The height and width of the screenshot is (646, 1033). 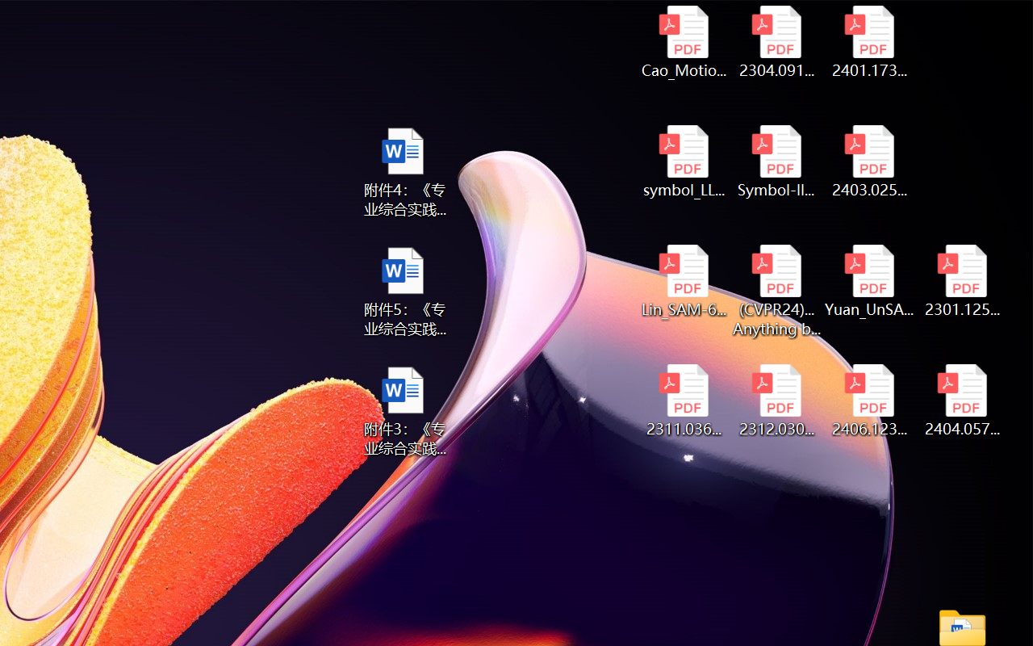 What do you see at coordinates (868, 161) in the screenshot?
I see `'2403.02502v1.pdf'` at bounding box center [868, 161].